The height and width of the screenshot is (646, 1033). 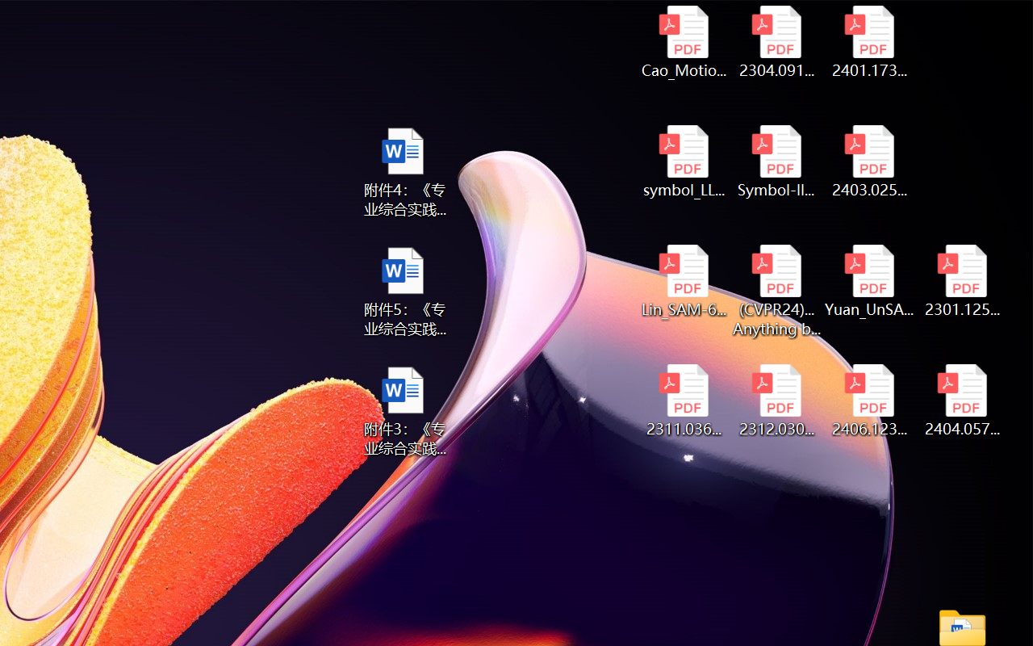 What do you see at coordinates (868, 161) in the screenshot?
I see `'2403.02502v1.pdf'` at bounding box center [868, 161].